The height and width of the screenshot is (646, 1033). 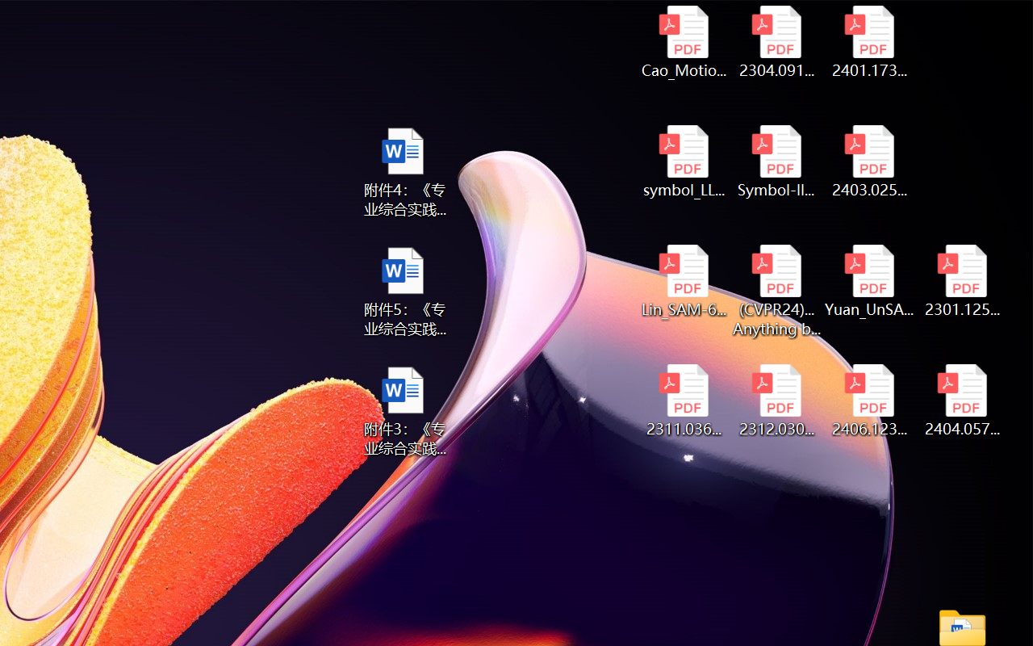 What do you see at coordinates (868, 161) in the screenshot?
I see `'2403.02502v1.pdf'` at bounding box center [868, 161].